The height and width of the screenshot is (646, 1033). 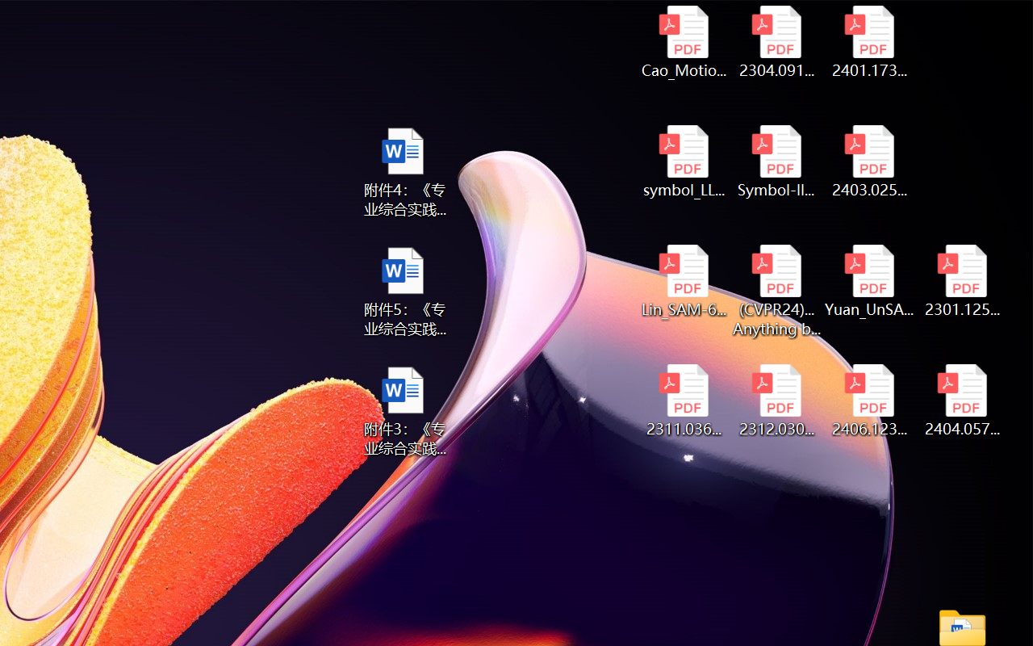 What do you see at coordinates (868, 161) in the screenshot?
I see `'2403.02502v1.pdf'` at bounding box center [868, 161].